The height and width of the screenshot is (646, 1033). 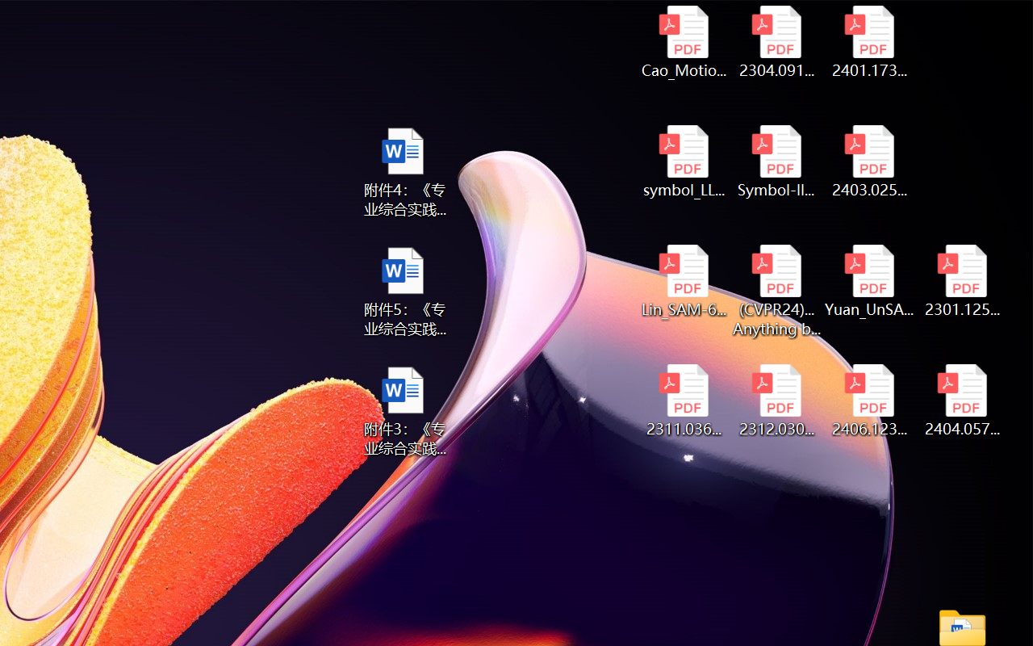 What do you see at coordinates (868, 161) in the screenshot?
I see `'2403.02502v1.pdf'` at bounding box center [868, 161].